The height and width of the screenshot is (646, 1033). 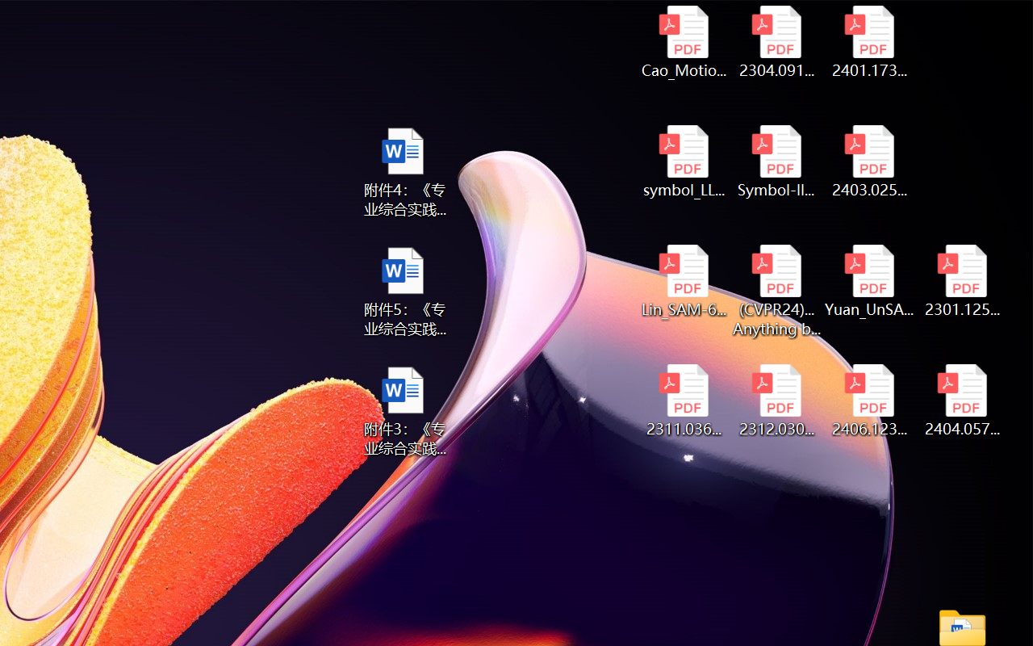 What do you see at coordinates (868, 161) in the screenshot?
I see `'2403.02502v1.pdf'` at bounding box center [868, 161].